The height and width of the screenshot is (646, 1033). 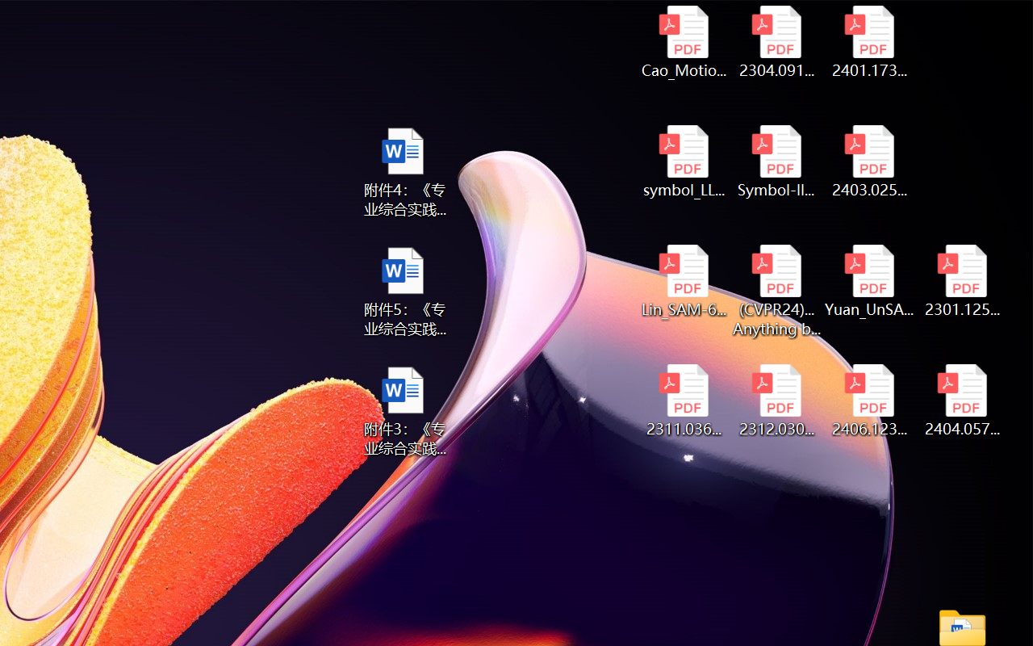 What do you see at coordinates (868, 161) in the screenshot?
I see `'2403.02502v1.pdf'` at bounding box center [868, 161].